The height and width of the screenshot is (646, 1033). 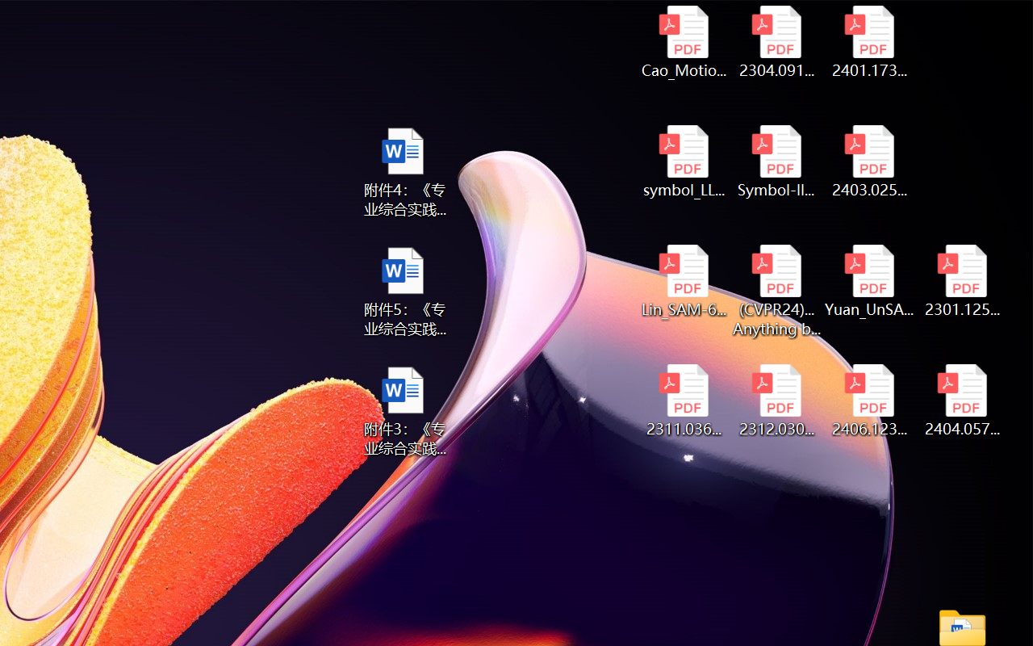 What do you see at coordinates (868, 161) in the screenshot?
I see `'2403.02502v1.pdf'` at bounding box center [868, 161].